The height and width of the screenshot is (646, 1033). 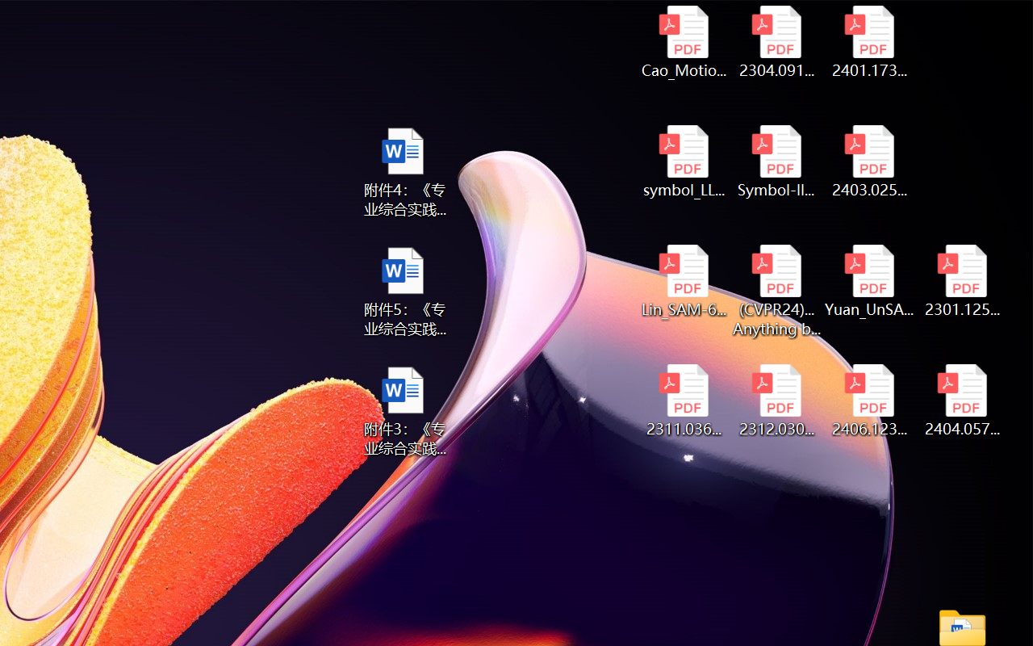 What do you see at coordinates (868, 161) in the screenshot?
I see `'2403.02502v1.pdf'` at bounding box center [868, 161].